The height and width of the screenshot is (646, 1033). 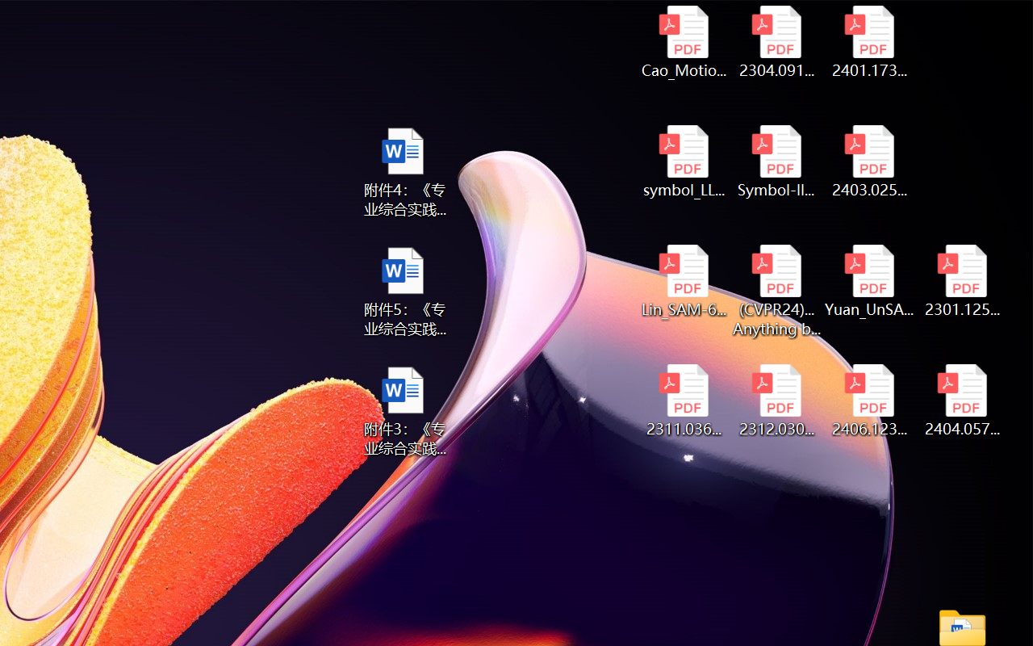 What do you see at coordinates (868, 161) in the screenshot?
I see `'2403.02502v1.pdf'` at bounding box center [868, 161].